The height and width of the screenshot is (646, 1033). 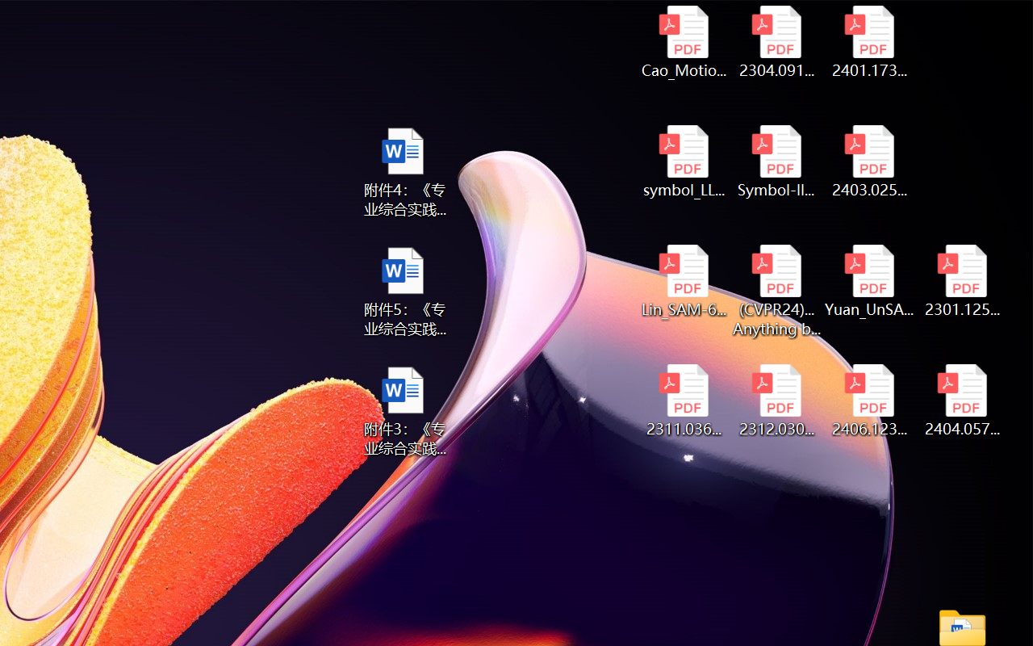 What do you see at coordinates (868, 161) in the screenshot?
I see `'2403.02502v1.pdf'` at bounding box center [868, 161].